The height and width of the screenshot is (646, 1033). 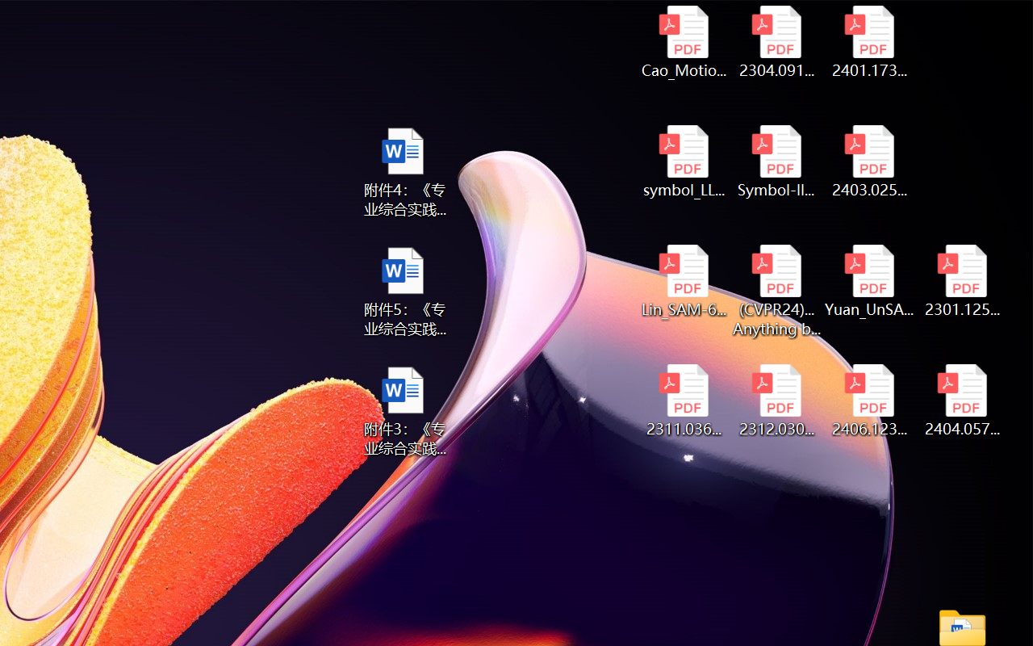 What do you see at coordinates (868, 161) in the screenshot?
I see `'2403.02502v1.pdf'` at bounding box center [868, 161].